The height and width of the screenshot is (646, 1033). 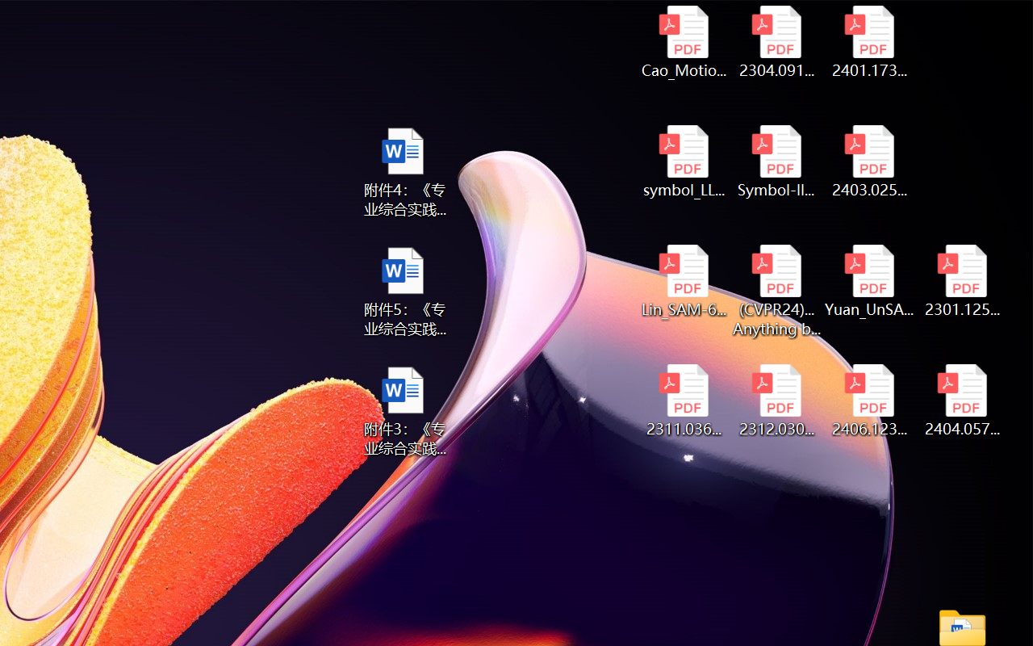 What do you see at coordinates (868, 161) in the screenshot?
I see `'2403.02502v1.pdf'` at bounding box center [868, 161].